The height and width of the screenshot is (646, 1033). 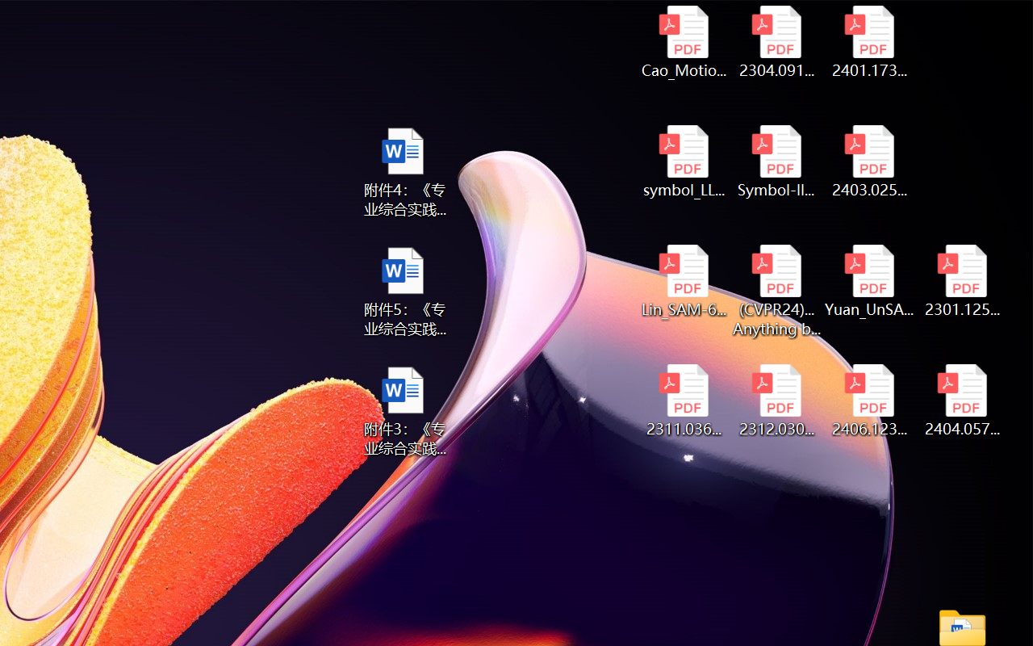 What do you see at coordinates (868, 161) in the screenshot?
I see `'2403.02502v1.pdf'` at bounding box center [868, 161].